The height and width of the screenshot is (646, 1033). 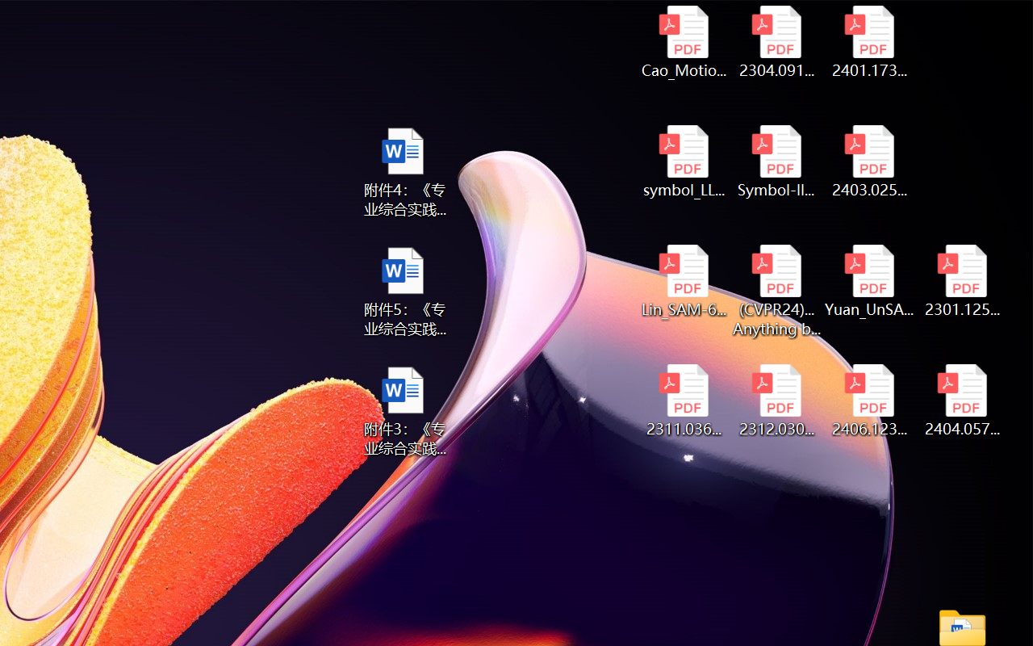 What do you see at coordinates (868, 161) in the screenshot?
I see `'2403.02502v1.pdf'` at bounding box center [868, 161].